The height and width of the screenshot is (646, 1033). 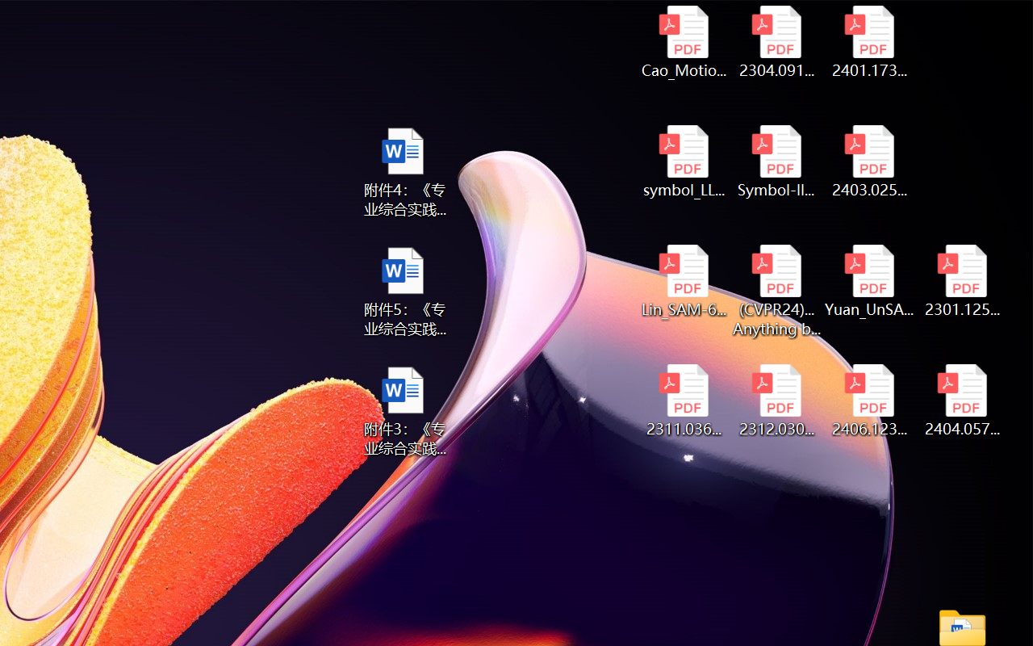 What do you see at coordinates (868, 161) in the screenshot?
I see `'2403.02502v1.pdf'` at bounding box center [868, 161].